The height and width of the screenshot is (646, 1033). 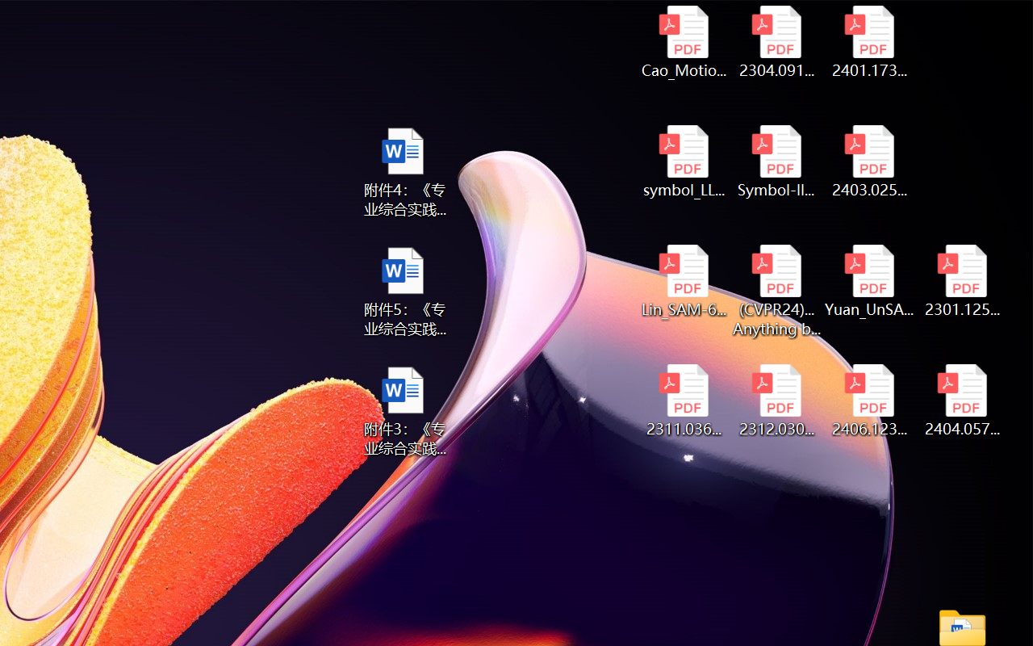 What do you see at coordinates (868, 161) in the screenshot?
I see `'2403.02502v1.pdf'` at bounding box center [868, 161].